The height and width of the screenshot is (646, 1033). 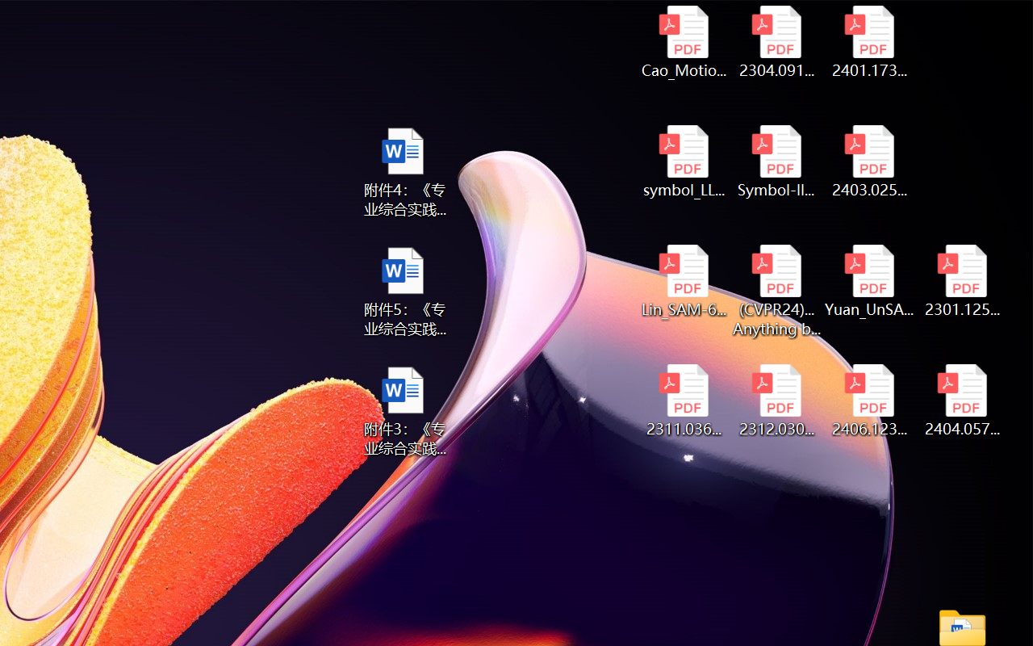 What do you see at coordinates (868, 161) in the screenshot?
I see `'2403.02502v1.pdf'` at bounding box center [868, 161].